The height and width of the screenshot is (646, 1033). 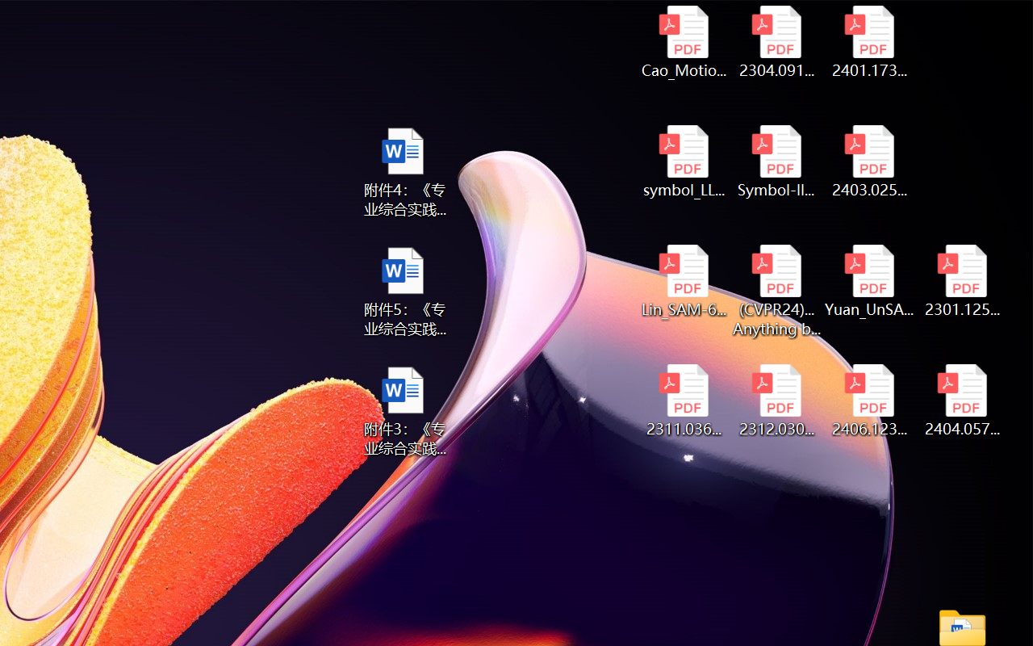 What do you see at coordinates (868, 161) in the screenshot?
I see `'2403.02502v1.pdf'` at bounding box center [868, 161].